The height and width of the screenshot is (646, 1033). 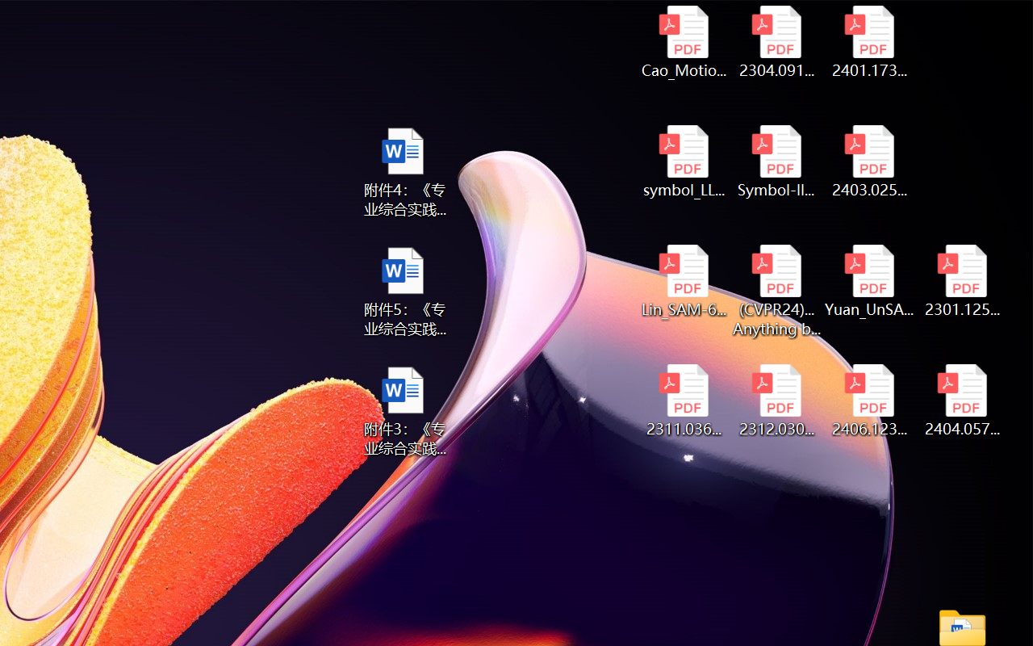 What do you see at coordinates (868, 161) in the screenshot?
I see `'2403.02502v1.pdf'` at bounding box center [868, 161].